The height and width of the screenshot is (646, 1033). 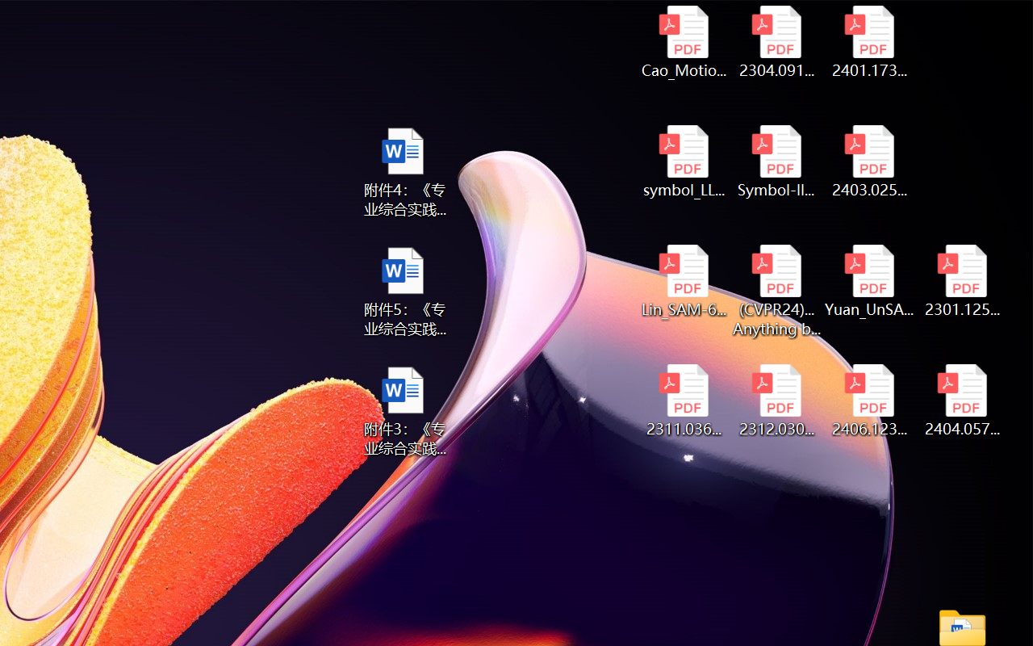 What do you see at coordinates (868, 161) in the screenshot?
I see `'2403.02502v1.pdf'` at bounding box center [868, 161].